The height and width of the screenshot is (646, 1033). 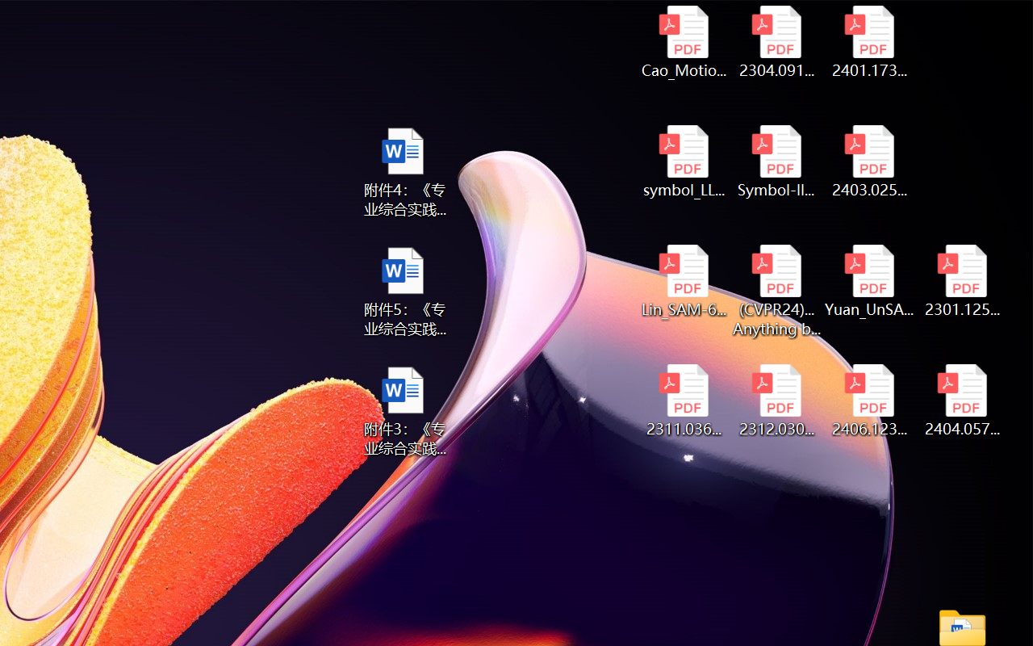 What do you see at coordinates (868, 161) in the screenshot?
I see `'2403.02502v1.pdf'` at bounding box center [868, 161].